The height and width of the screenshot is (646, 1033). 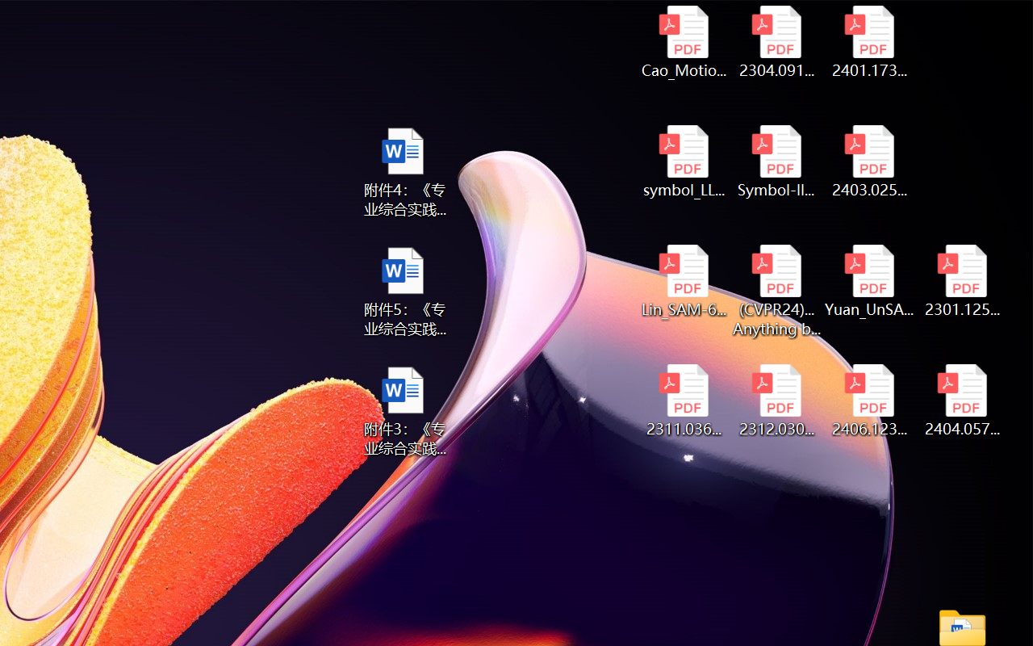 What do you see at coordinates (868, 161) in the screenshot?
I see `'2403.02502v1.pdf'` at bounding box center [868, 161].